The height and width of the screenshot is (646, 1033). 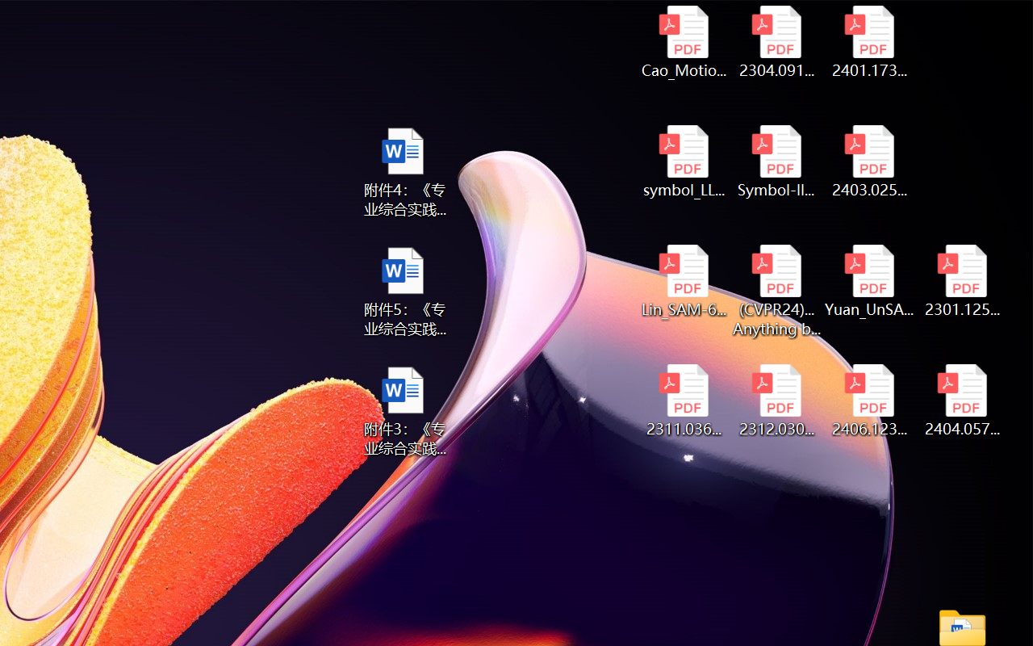 What do you see at coordinates (868, 161) in the screenshot?
I see `'2403.02502v1.pdf'` at bounding box center [868, 161].